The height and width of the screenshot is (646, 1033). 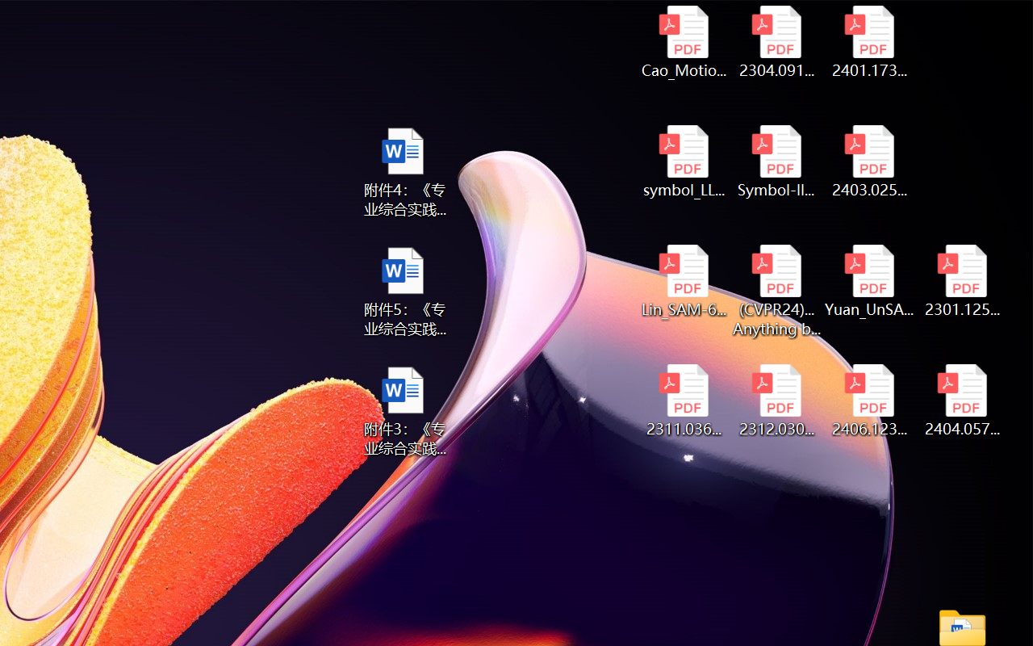 What do you see at coordinates (868, 161) in the screenshot?
I see `'2403.02502v1.pdf'` at bounding box center [868, 161].